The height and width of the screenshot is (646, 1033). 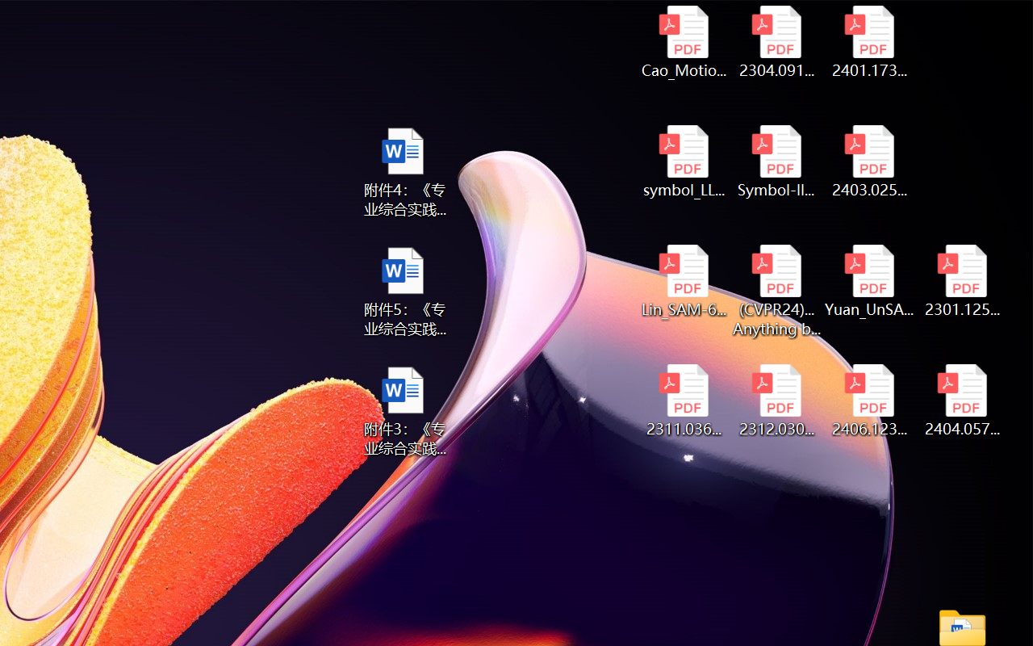 What do you see at coordinates (868, 161) in the screenshot?
I see `'2403.02502v1.pdf'` at bounding box center [868, 161].